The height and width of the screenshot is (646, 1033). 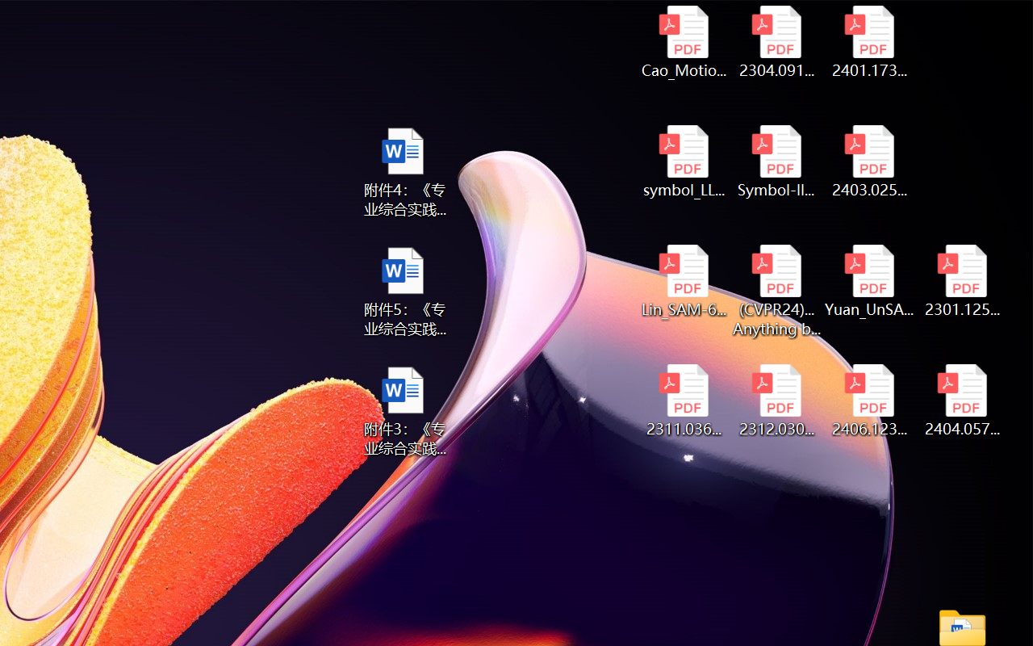 What do you see at coordinates (868, 161) in the screenshot?
I see `'2403.02502v1.pdf'` at bounding box center [868, 161].